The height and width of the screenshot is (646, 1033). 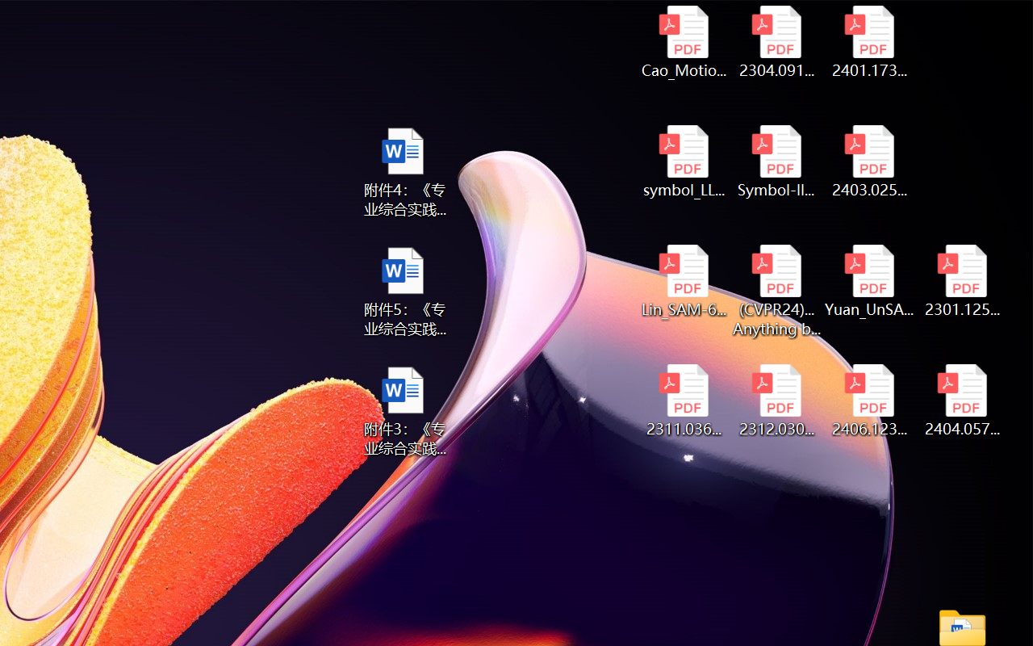 What do you see at coordinates (868, 161) in the screenshot?
I see `'2403.02502v1.pdf'` at bounding box center [868, 161].